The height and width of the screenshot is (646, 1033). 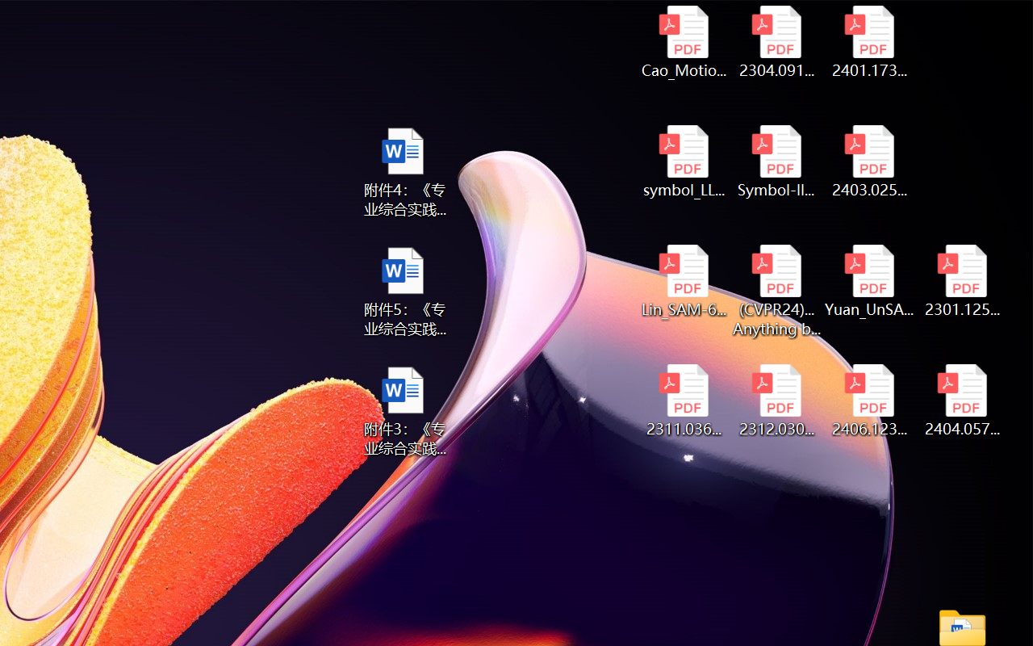 What do you see at coordinates (868, 161) in the screenshot?
I see `'2403.02502v1.pdf'` at bounding box center [868, 161].